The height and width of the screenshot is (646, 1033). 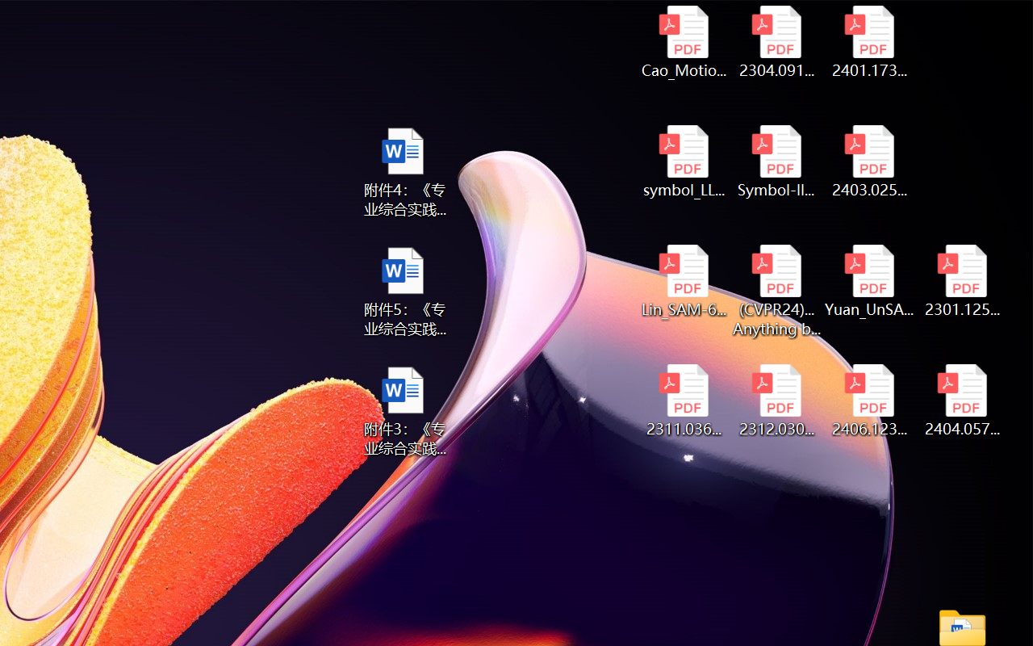 What do you see at coordinates (868, 161) in the screenshot?
I see `'2403.02502v1.pdf'` at bounding box center [868, 161].